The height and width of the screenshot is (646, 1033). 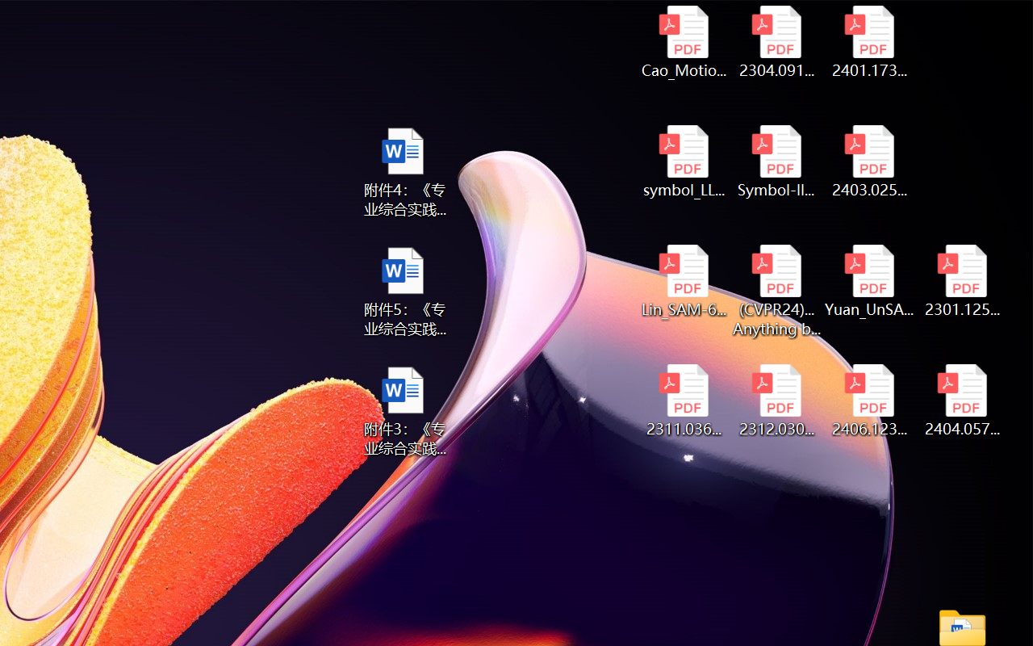 What do you see at coordinates (868, 161) in the screenshot?
I see `'2403.02502v1.pdf'` at bounding box center [868, 161].